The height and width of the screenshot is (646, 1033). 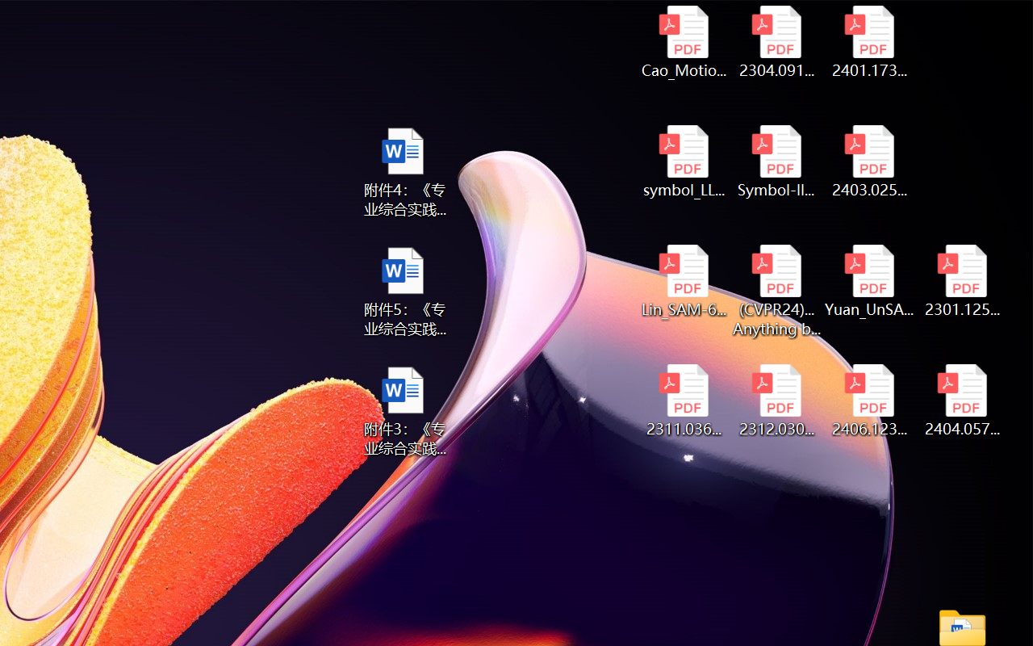 What do you see at coordinates (868, 161) in the screenshot?
I see `'2403.02502v1.pdf'` at bounding box center [868, 161].